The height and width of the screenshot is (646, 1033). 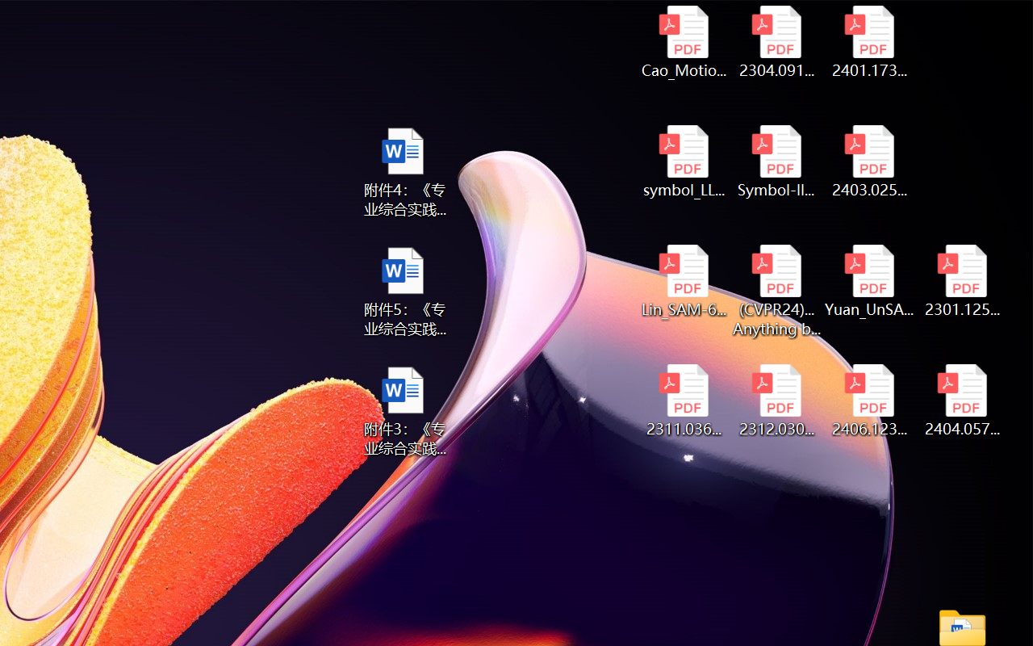 What do you see at coordinates (868, 161) in the screenshot?
I see `'2403.02502v1.pdf'` at bounding box center [868, 161].